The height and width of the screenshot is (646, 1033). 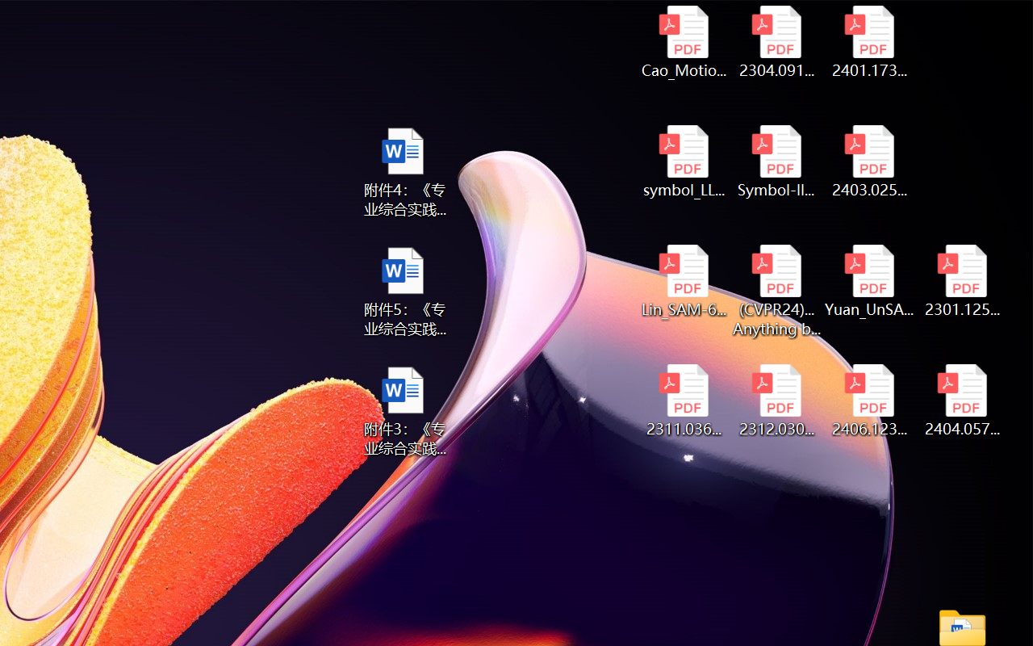 What do you see at coordinates (868, 161) in the screenshot?
I see `'2403.02502v1.pdf'` at bounding box center [868, 161].